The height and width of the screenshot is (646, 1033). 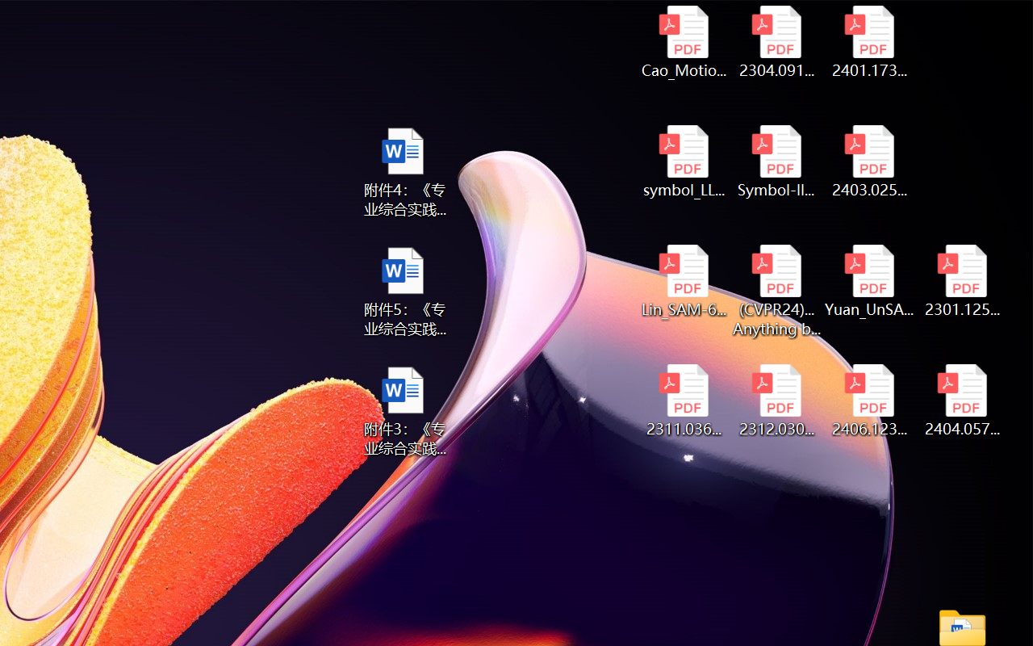 What do you see at coordinates (868, 161) in the screenshot?
I see `'2403.02502v1.pdf'` at bounding box center [868, 161].